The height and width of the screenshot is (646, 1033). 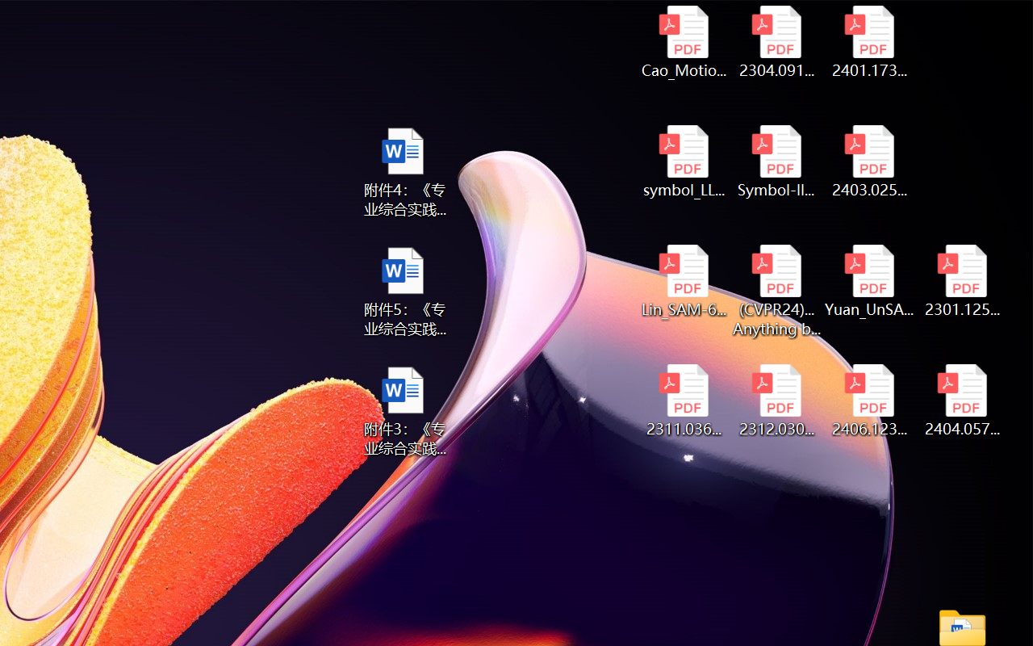 What do you see at coordinates (868, 161) in the screenshot?
I see `'2403.02502v1.pdf'` at bounding box center [868, 161].